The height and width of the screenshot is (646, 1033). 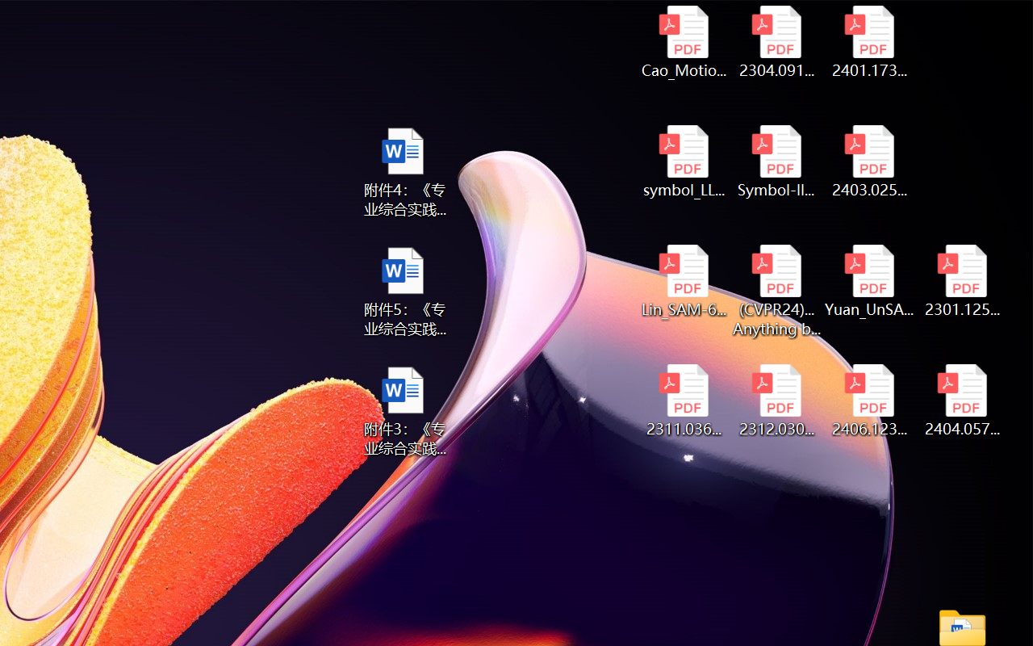 What do you see at coordinates (868, 161) in the screenshot?
I see `'2403.02502v1.pdf'` at bounding box center [868, 161].